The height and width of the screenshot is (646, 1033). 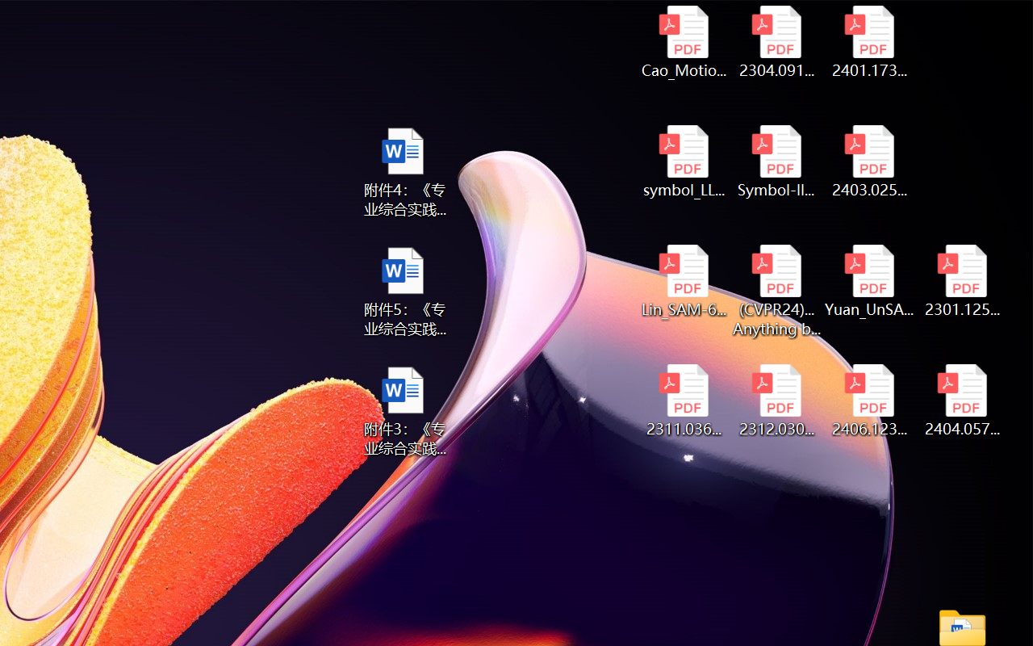 What do you see at coordinates (868, 161) in the screenshot?
I see `'2403.02502v1.pdf'` at bounding box center [868, 161].